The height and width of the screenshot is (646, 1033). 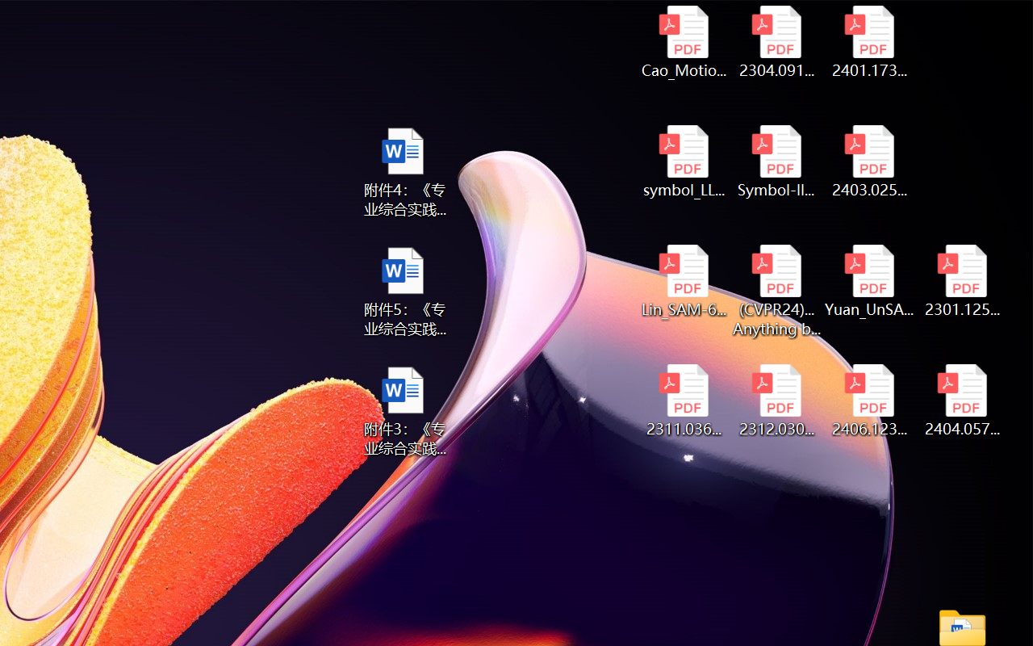 What do you see at coordinates (868, 161) in the screenshot?
I see `'2403.02502v1.pdf'` at bounding box center [868, 161].